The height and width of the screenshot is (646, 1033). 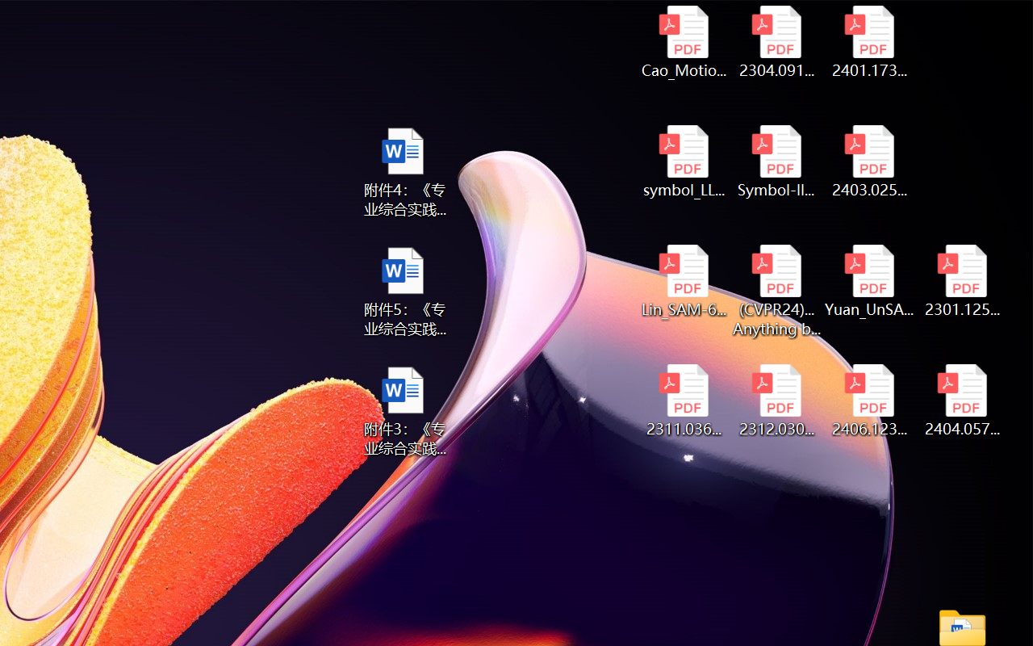 What do you see at coordinates (868, 161) in the screenshot?
I see `'2403.02502v1.pdf'` at bounding box center [868, 161].